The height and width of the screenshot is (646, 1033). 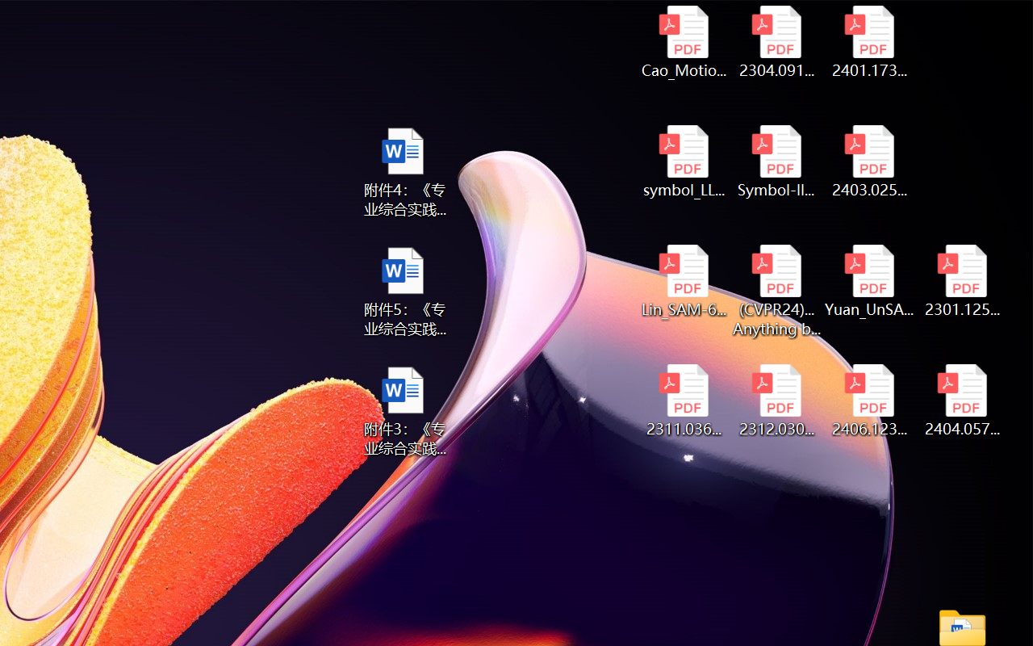 What do you see at coordinates (868, 161) in the screenshot?
I see `'2403.02502v1.pdf'` at bounding box center [868, 161].